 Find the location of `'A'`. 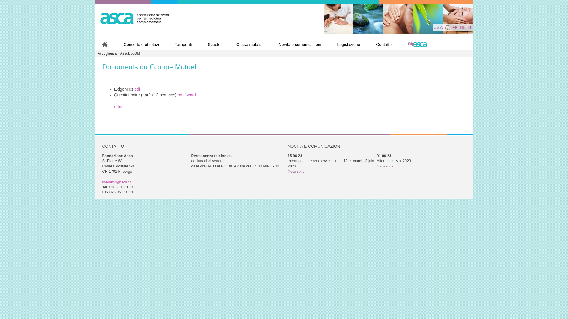

'A' is located at coordinates (441, 27).